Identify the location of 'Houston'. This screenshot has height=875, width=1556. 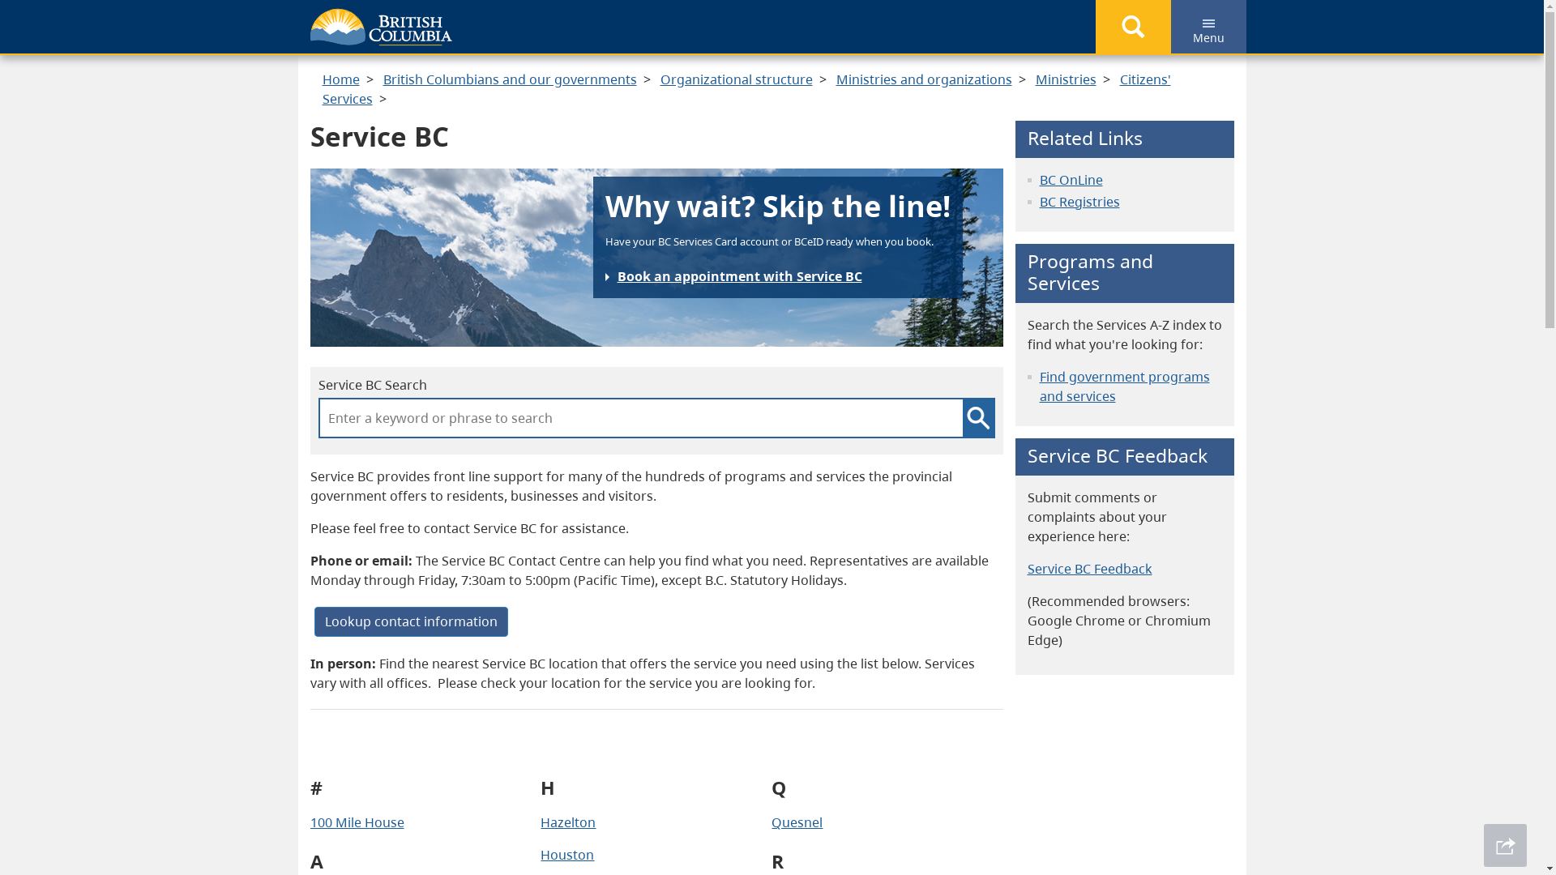
(541, 854).